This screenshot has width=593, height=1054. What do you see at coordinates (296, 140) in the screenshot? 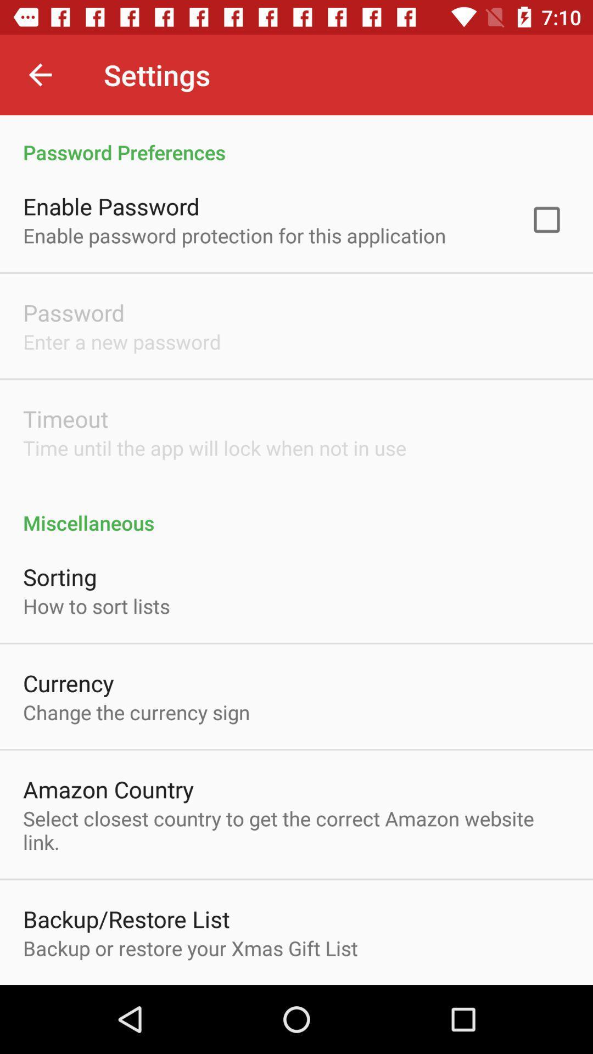
I see `the icon above enable password` at bounding box center [296, 140].